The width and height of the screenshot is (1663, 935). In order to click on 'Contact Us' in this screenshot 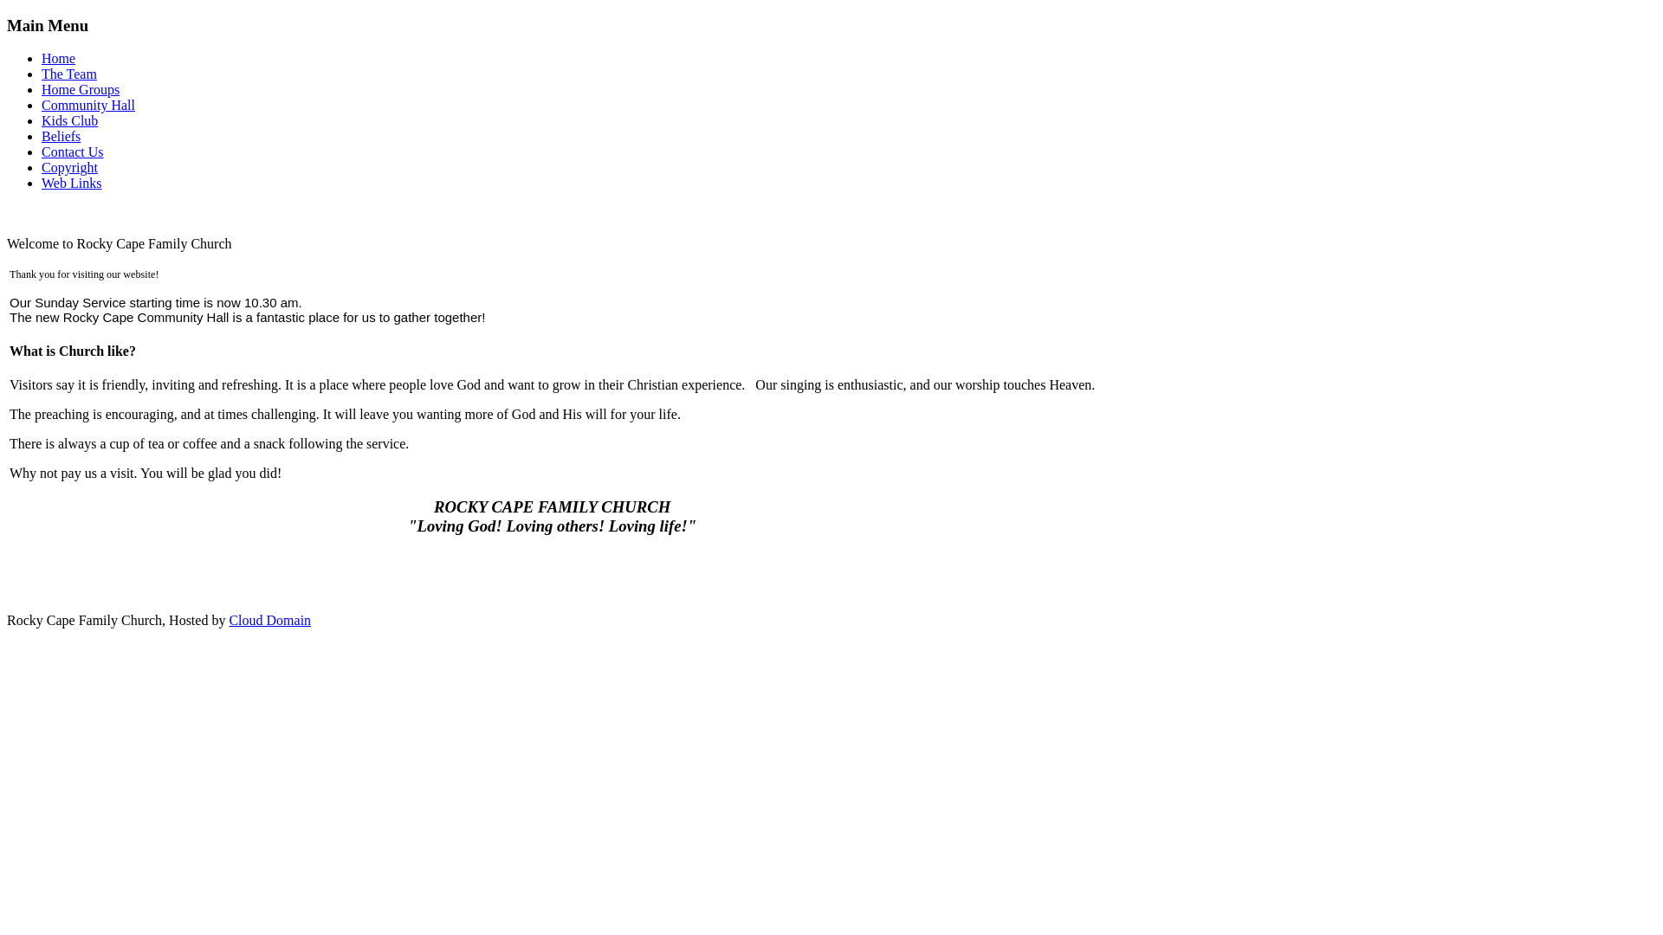, I will do `click(42, 151)`.